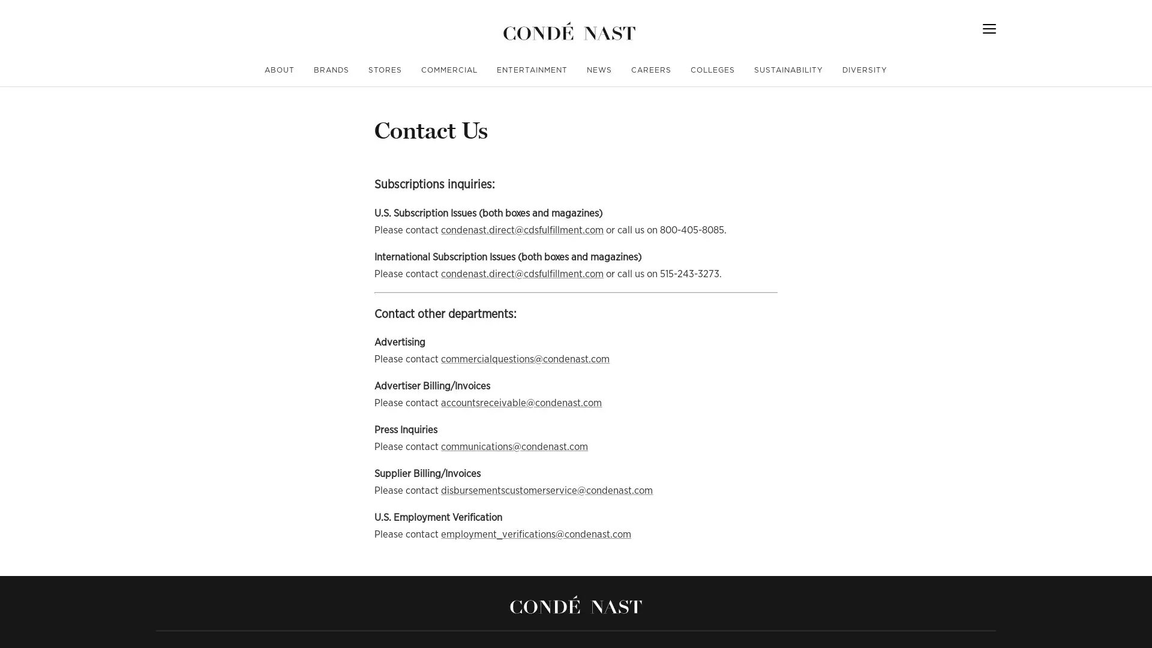 This screenshot has width=1152, height=648. What do you see at coordinates (989, 29) in the screenshot?
I see `Menu` at bounding box center [989, 29].